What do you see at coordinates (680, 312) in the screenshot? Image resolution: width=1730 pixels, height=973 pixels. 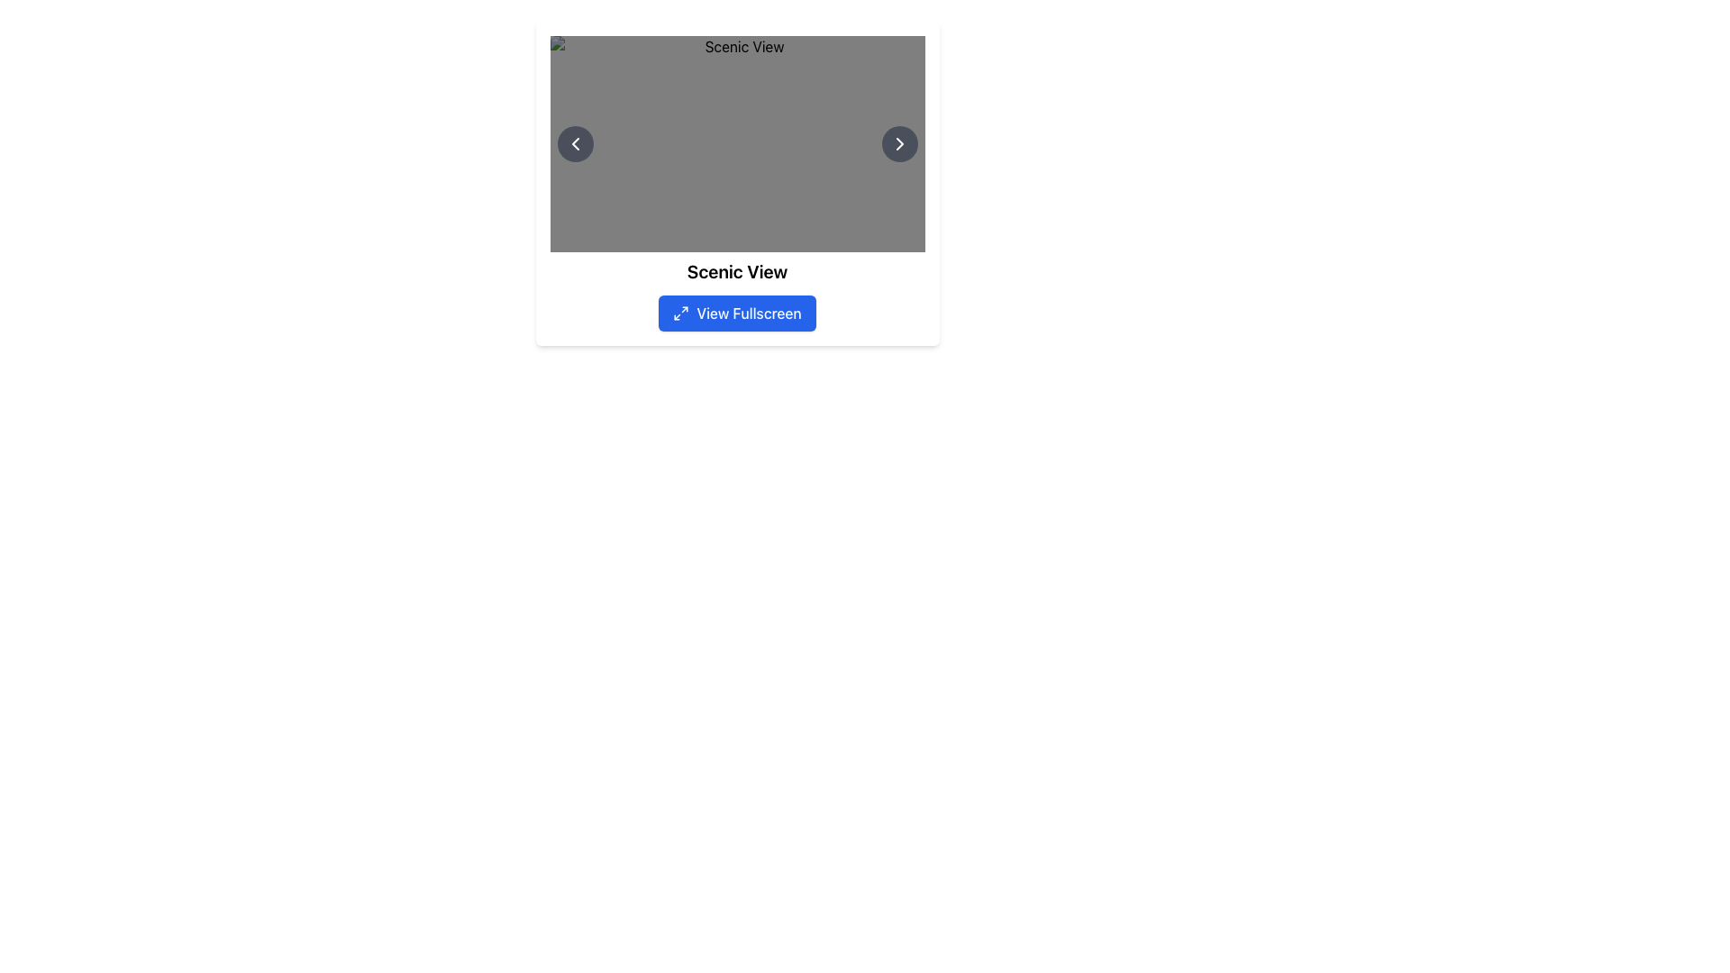 I see `the maximizing feature icon, which is a simplistic blue icon located to the left of the 'View Fullscreen' button` at bounding box center [680, 312].